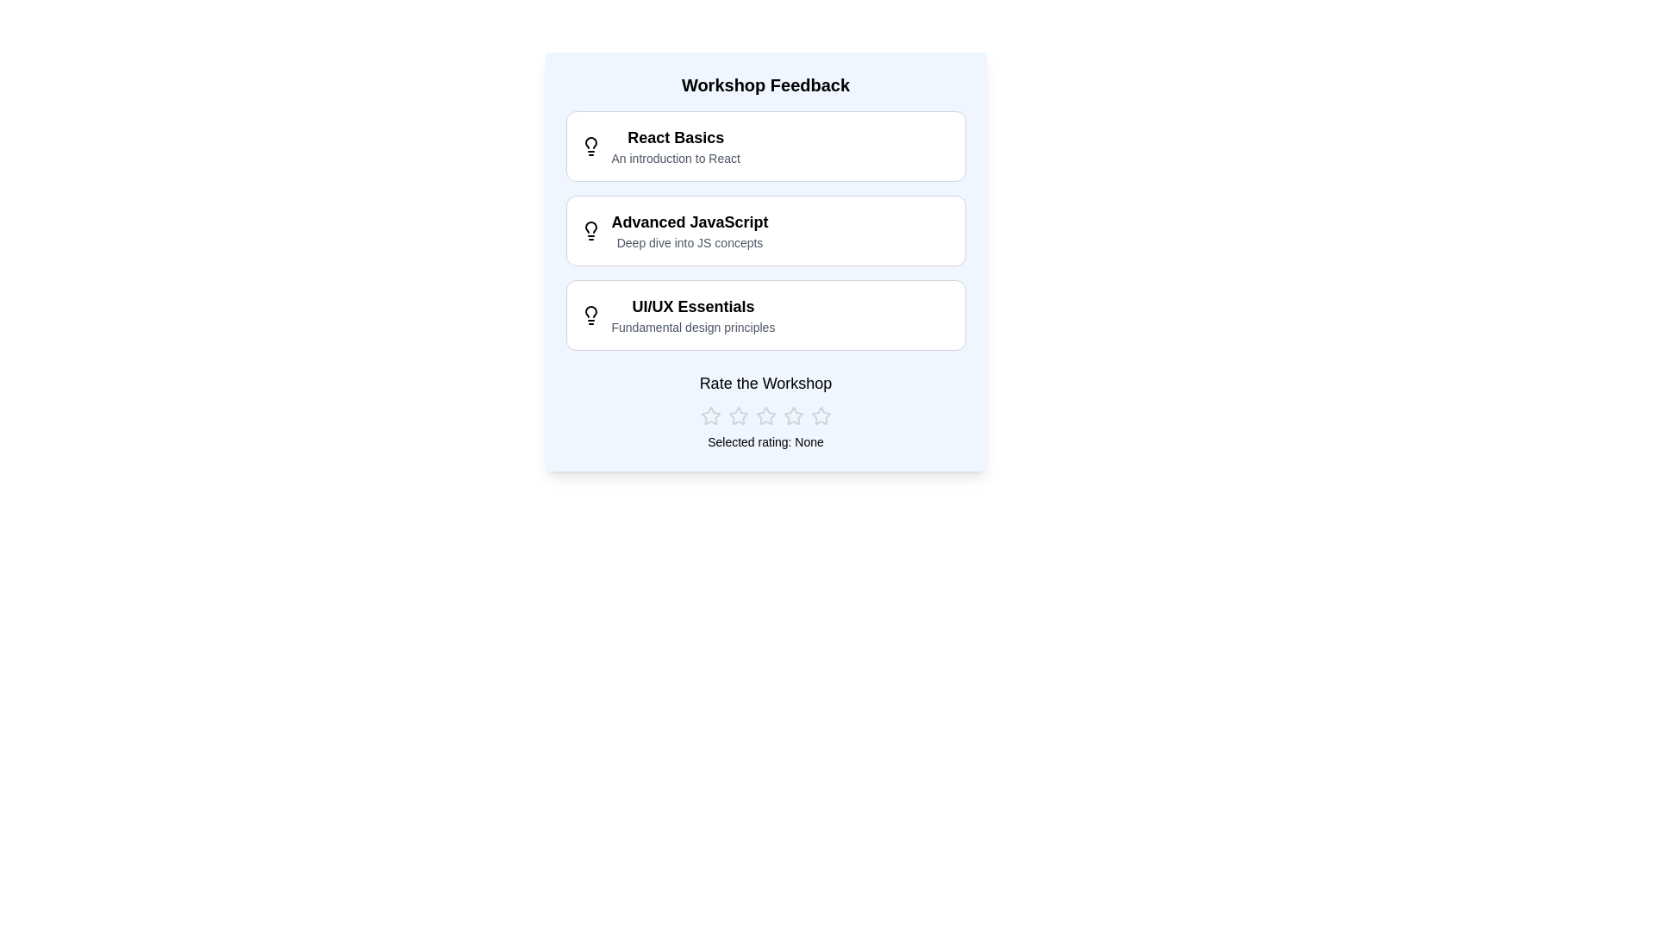 The image size is (1655, 931). What do you see at coordinates (765, 229) in the screenshot?
I see `on the informational Text label for the workshop on Advanced JavaScript, which is the second item in a vertically arranged list of cards` at bounding box center [765, 229].